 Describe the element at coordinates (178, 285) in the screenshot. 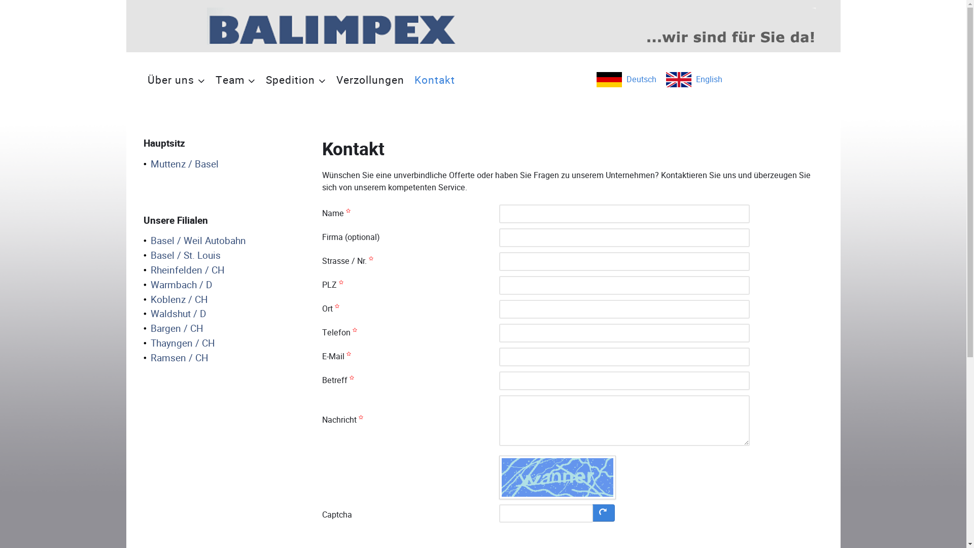

I see `'Warmbach / D'` at that location.